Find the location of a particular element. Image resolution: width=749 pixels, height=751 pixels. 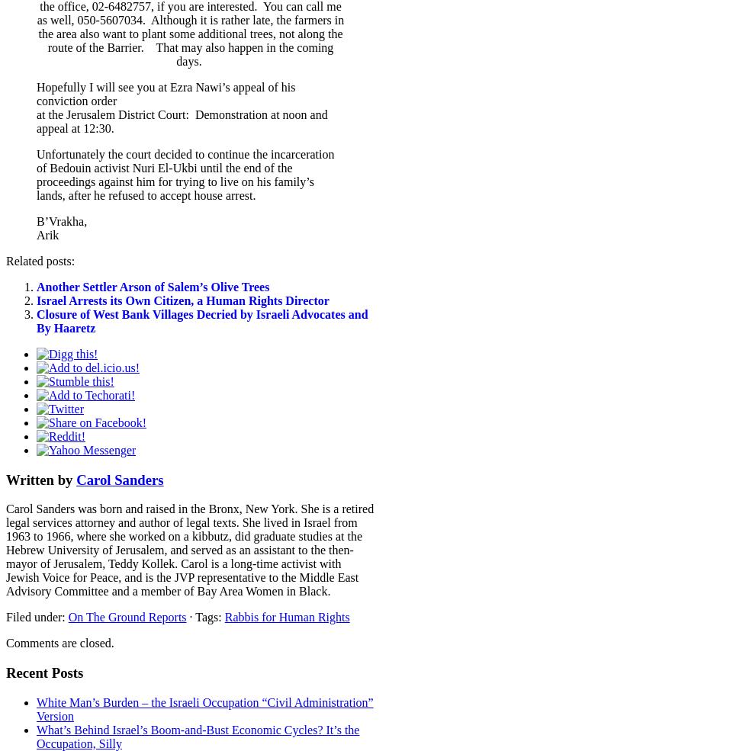

'White Man’s Burden – the Israeli Occupation “Civil Administration” Version' is located at coordinates (204, 708).